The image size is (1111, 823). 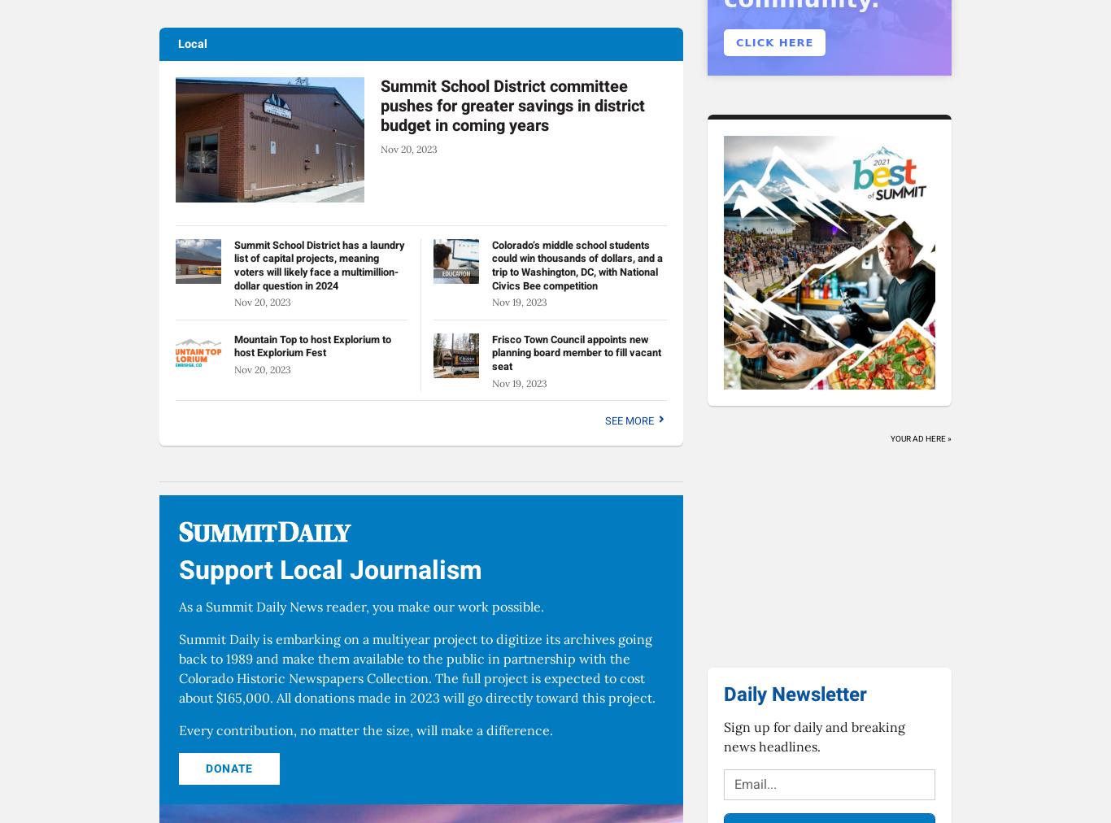 What do you see at coordinates (795, 694) in the screenshot?
I see `'Daily Newsletter'` at bounding box center [795, 694].